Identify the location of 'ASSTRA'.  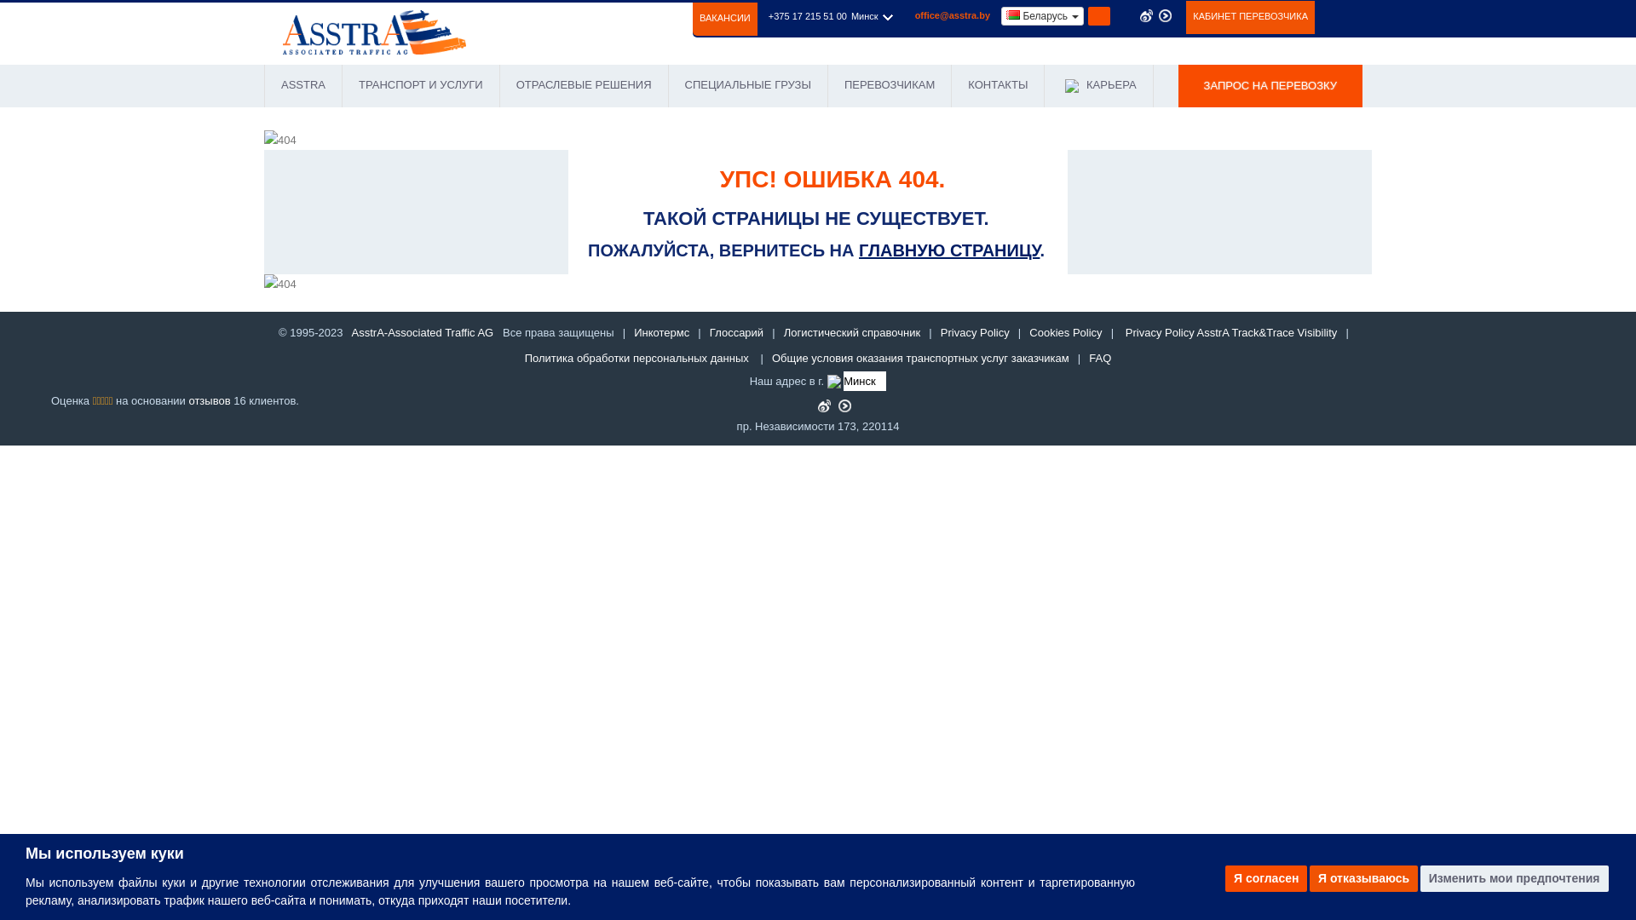
(302, 85).